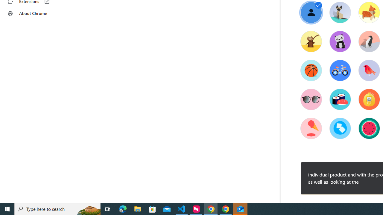  Describe the element at coordinates (37, 13) in the screenshot. I see `'About Chrome'` at that location.